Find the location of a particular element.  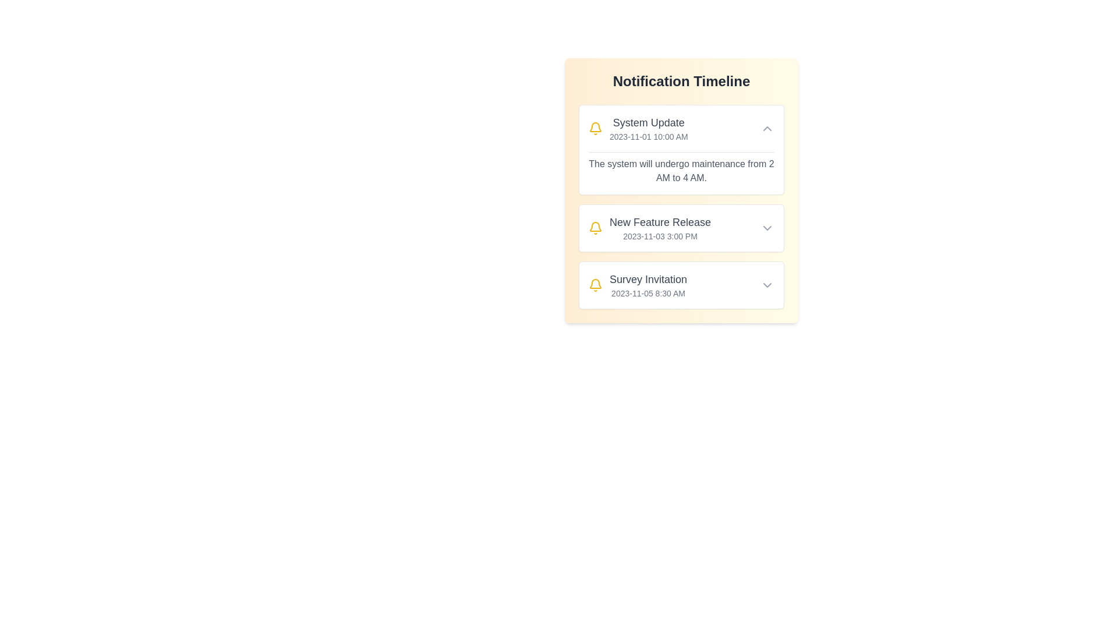

the downward-facing chevron icon on the right end of the notification row titled 'New Feature Release 2023-11-03 3:00 PM' is located at coordinates (767, 228).